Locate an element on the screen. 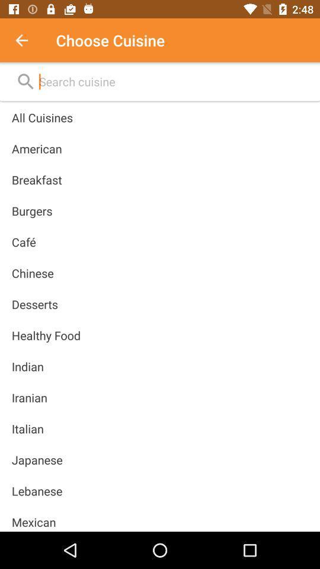 Image resolution: width=320 pixels, height=569 pixels. search bar is located at coordinates (172, 81).